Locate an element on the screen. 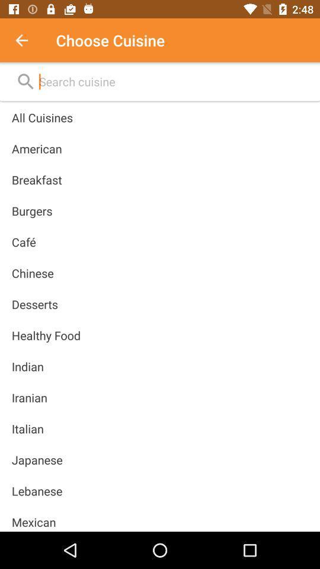 Image resolution: width=320 pixels, height=569 pixels. search bar is located at coordinates (172, 81).